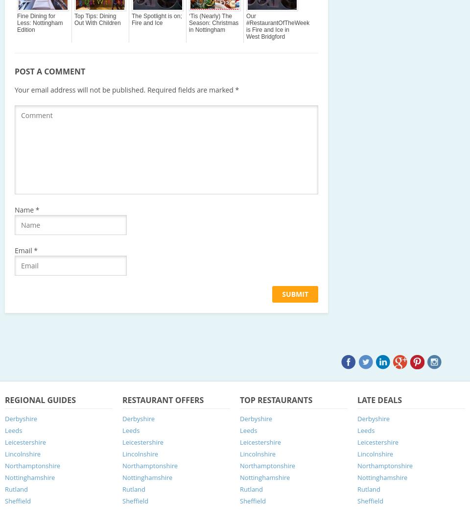  What do you see at coordinates (213, 22) in the screenshot?
I see `'‘Tis (Nearly) The Season: Christmas in Nottingham'` at bounding box center [213, 22].